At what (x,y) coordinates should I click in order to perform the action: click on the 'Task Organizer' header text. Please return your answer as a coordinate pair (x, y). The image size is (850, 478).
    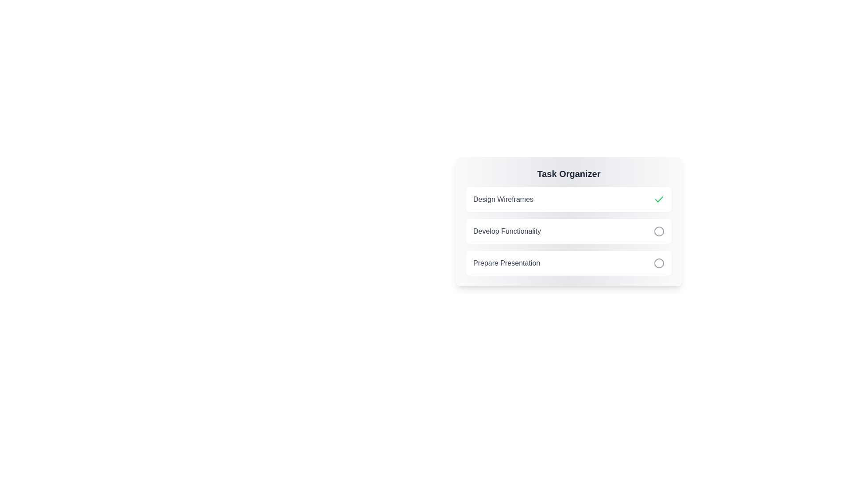
    Looking at the image, I should click on (569, 174).